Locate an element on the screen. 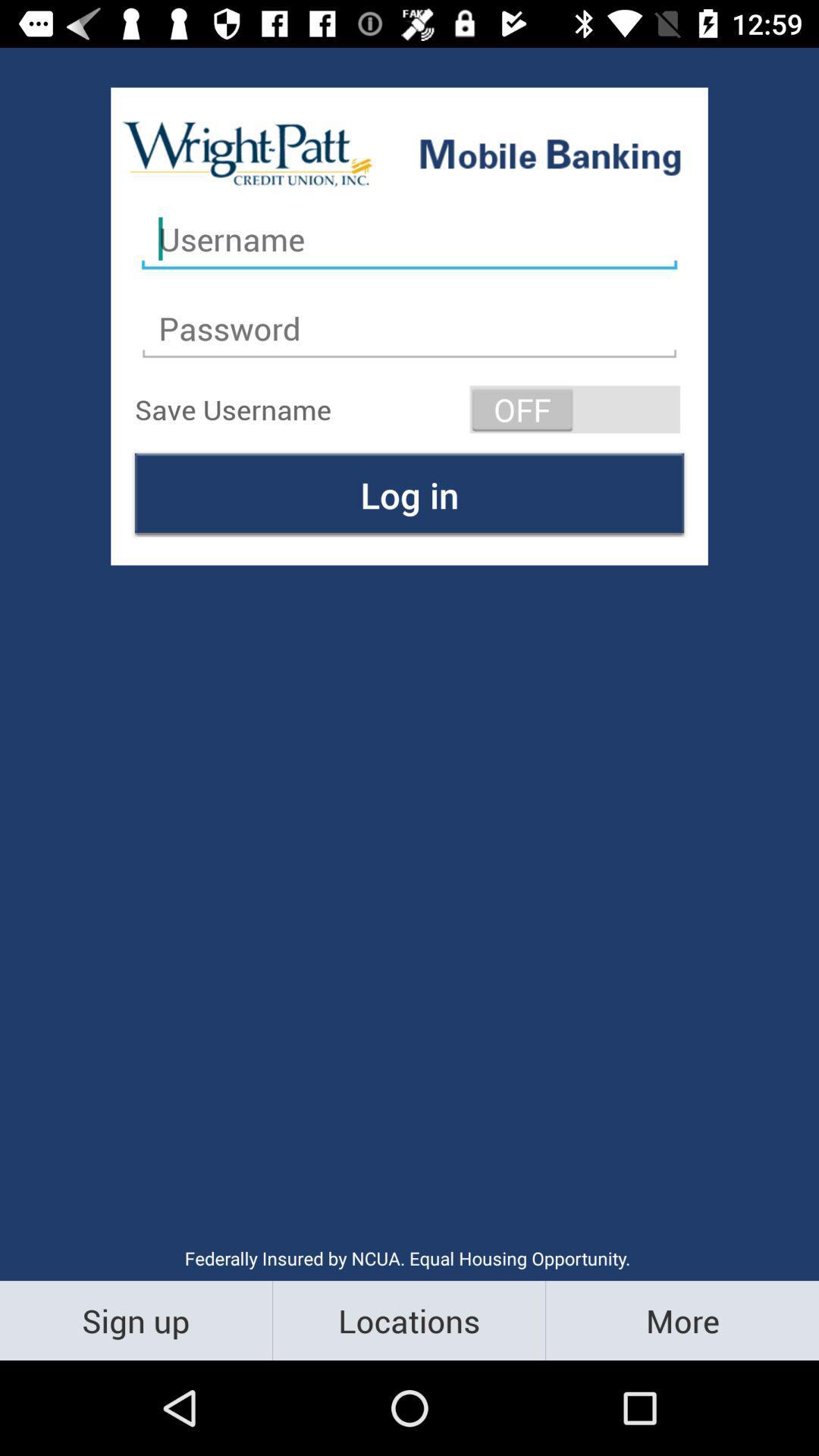 The height and width of the screenshot is (1456, 819). the icon to the right of the locations is located at coordinates (681, 1319).